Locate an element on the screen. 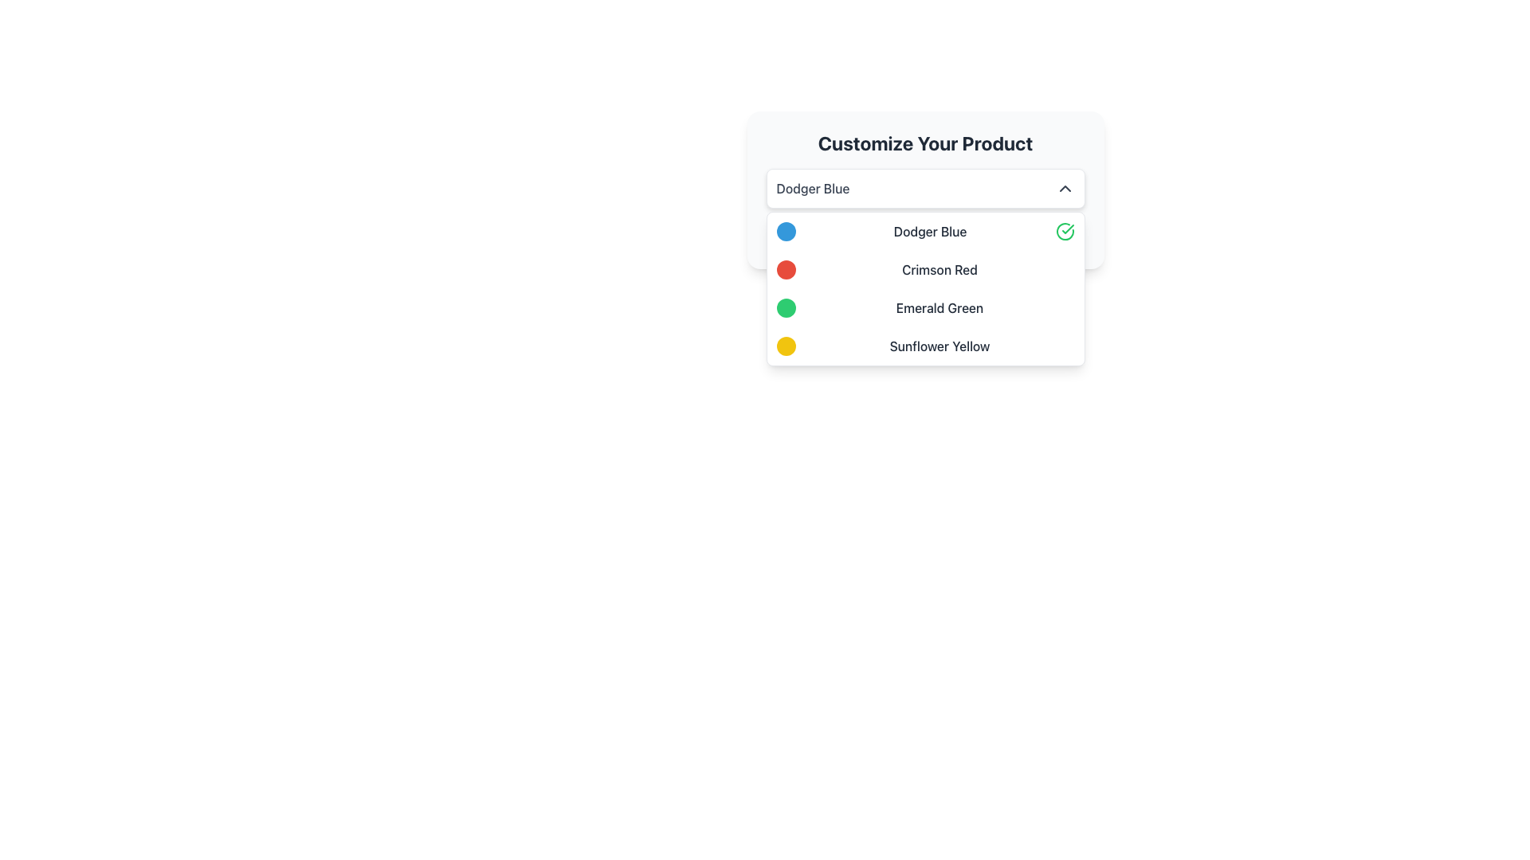 This screenshot has width=1530, height=860. the check mark icon, which is part of a circular symbol indicating selection validation, located beside the selected item 'Dodger Blue' is located at coordinates (1067, 229).